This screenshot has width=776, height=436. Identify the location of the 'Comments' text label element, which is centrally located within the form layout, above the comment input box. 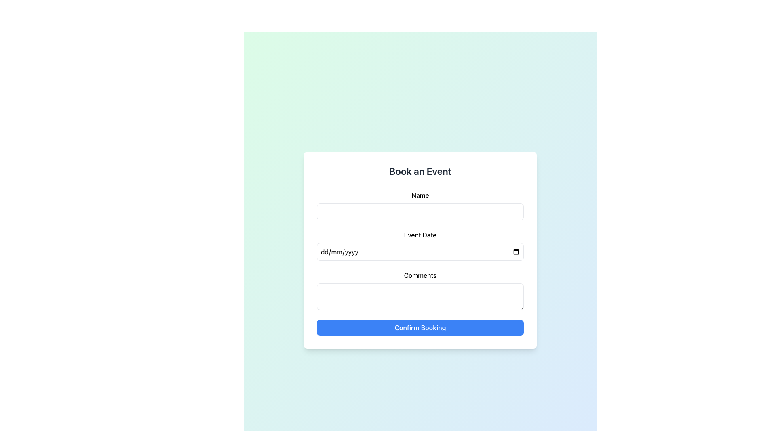
(420, 275).